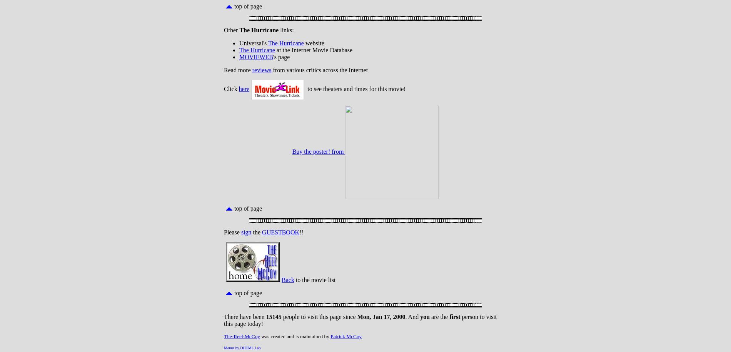  Describe the element at coordinates (280, 57) in the screenshot. I see `''s page'` at that location.